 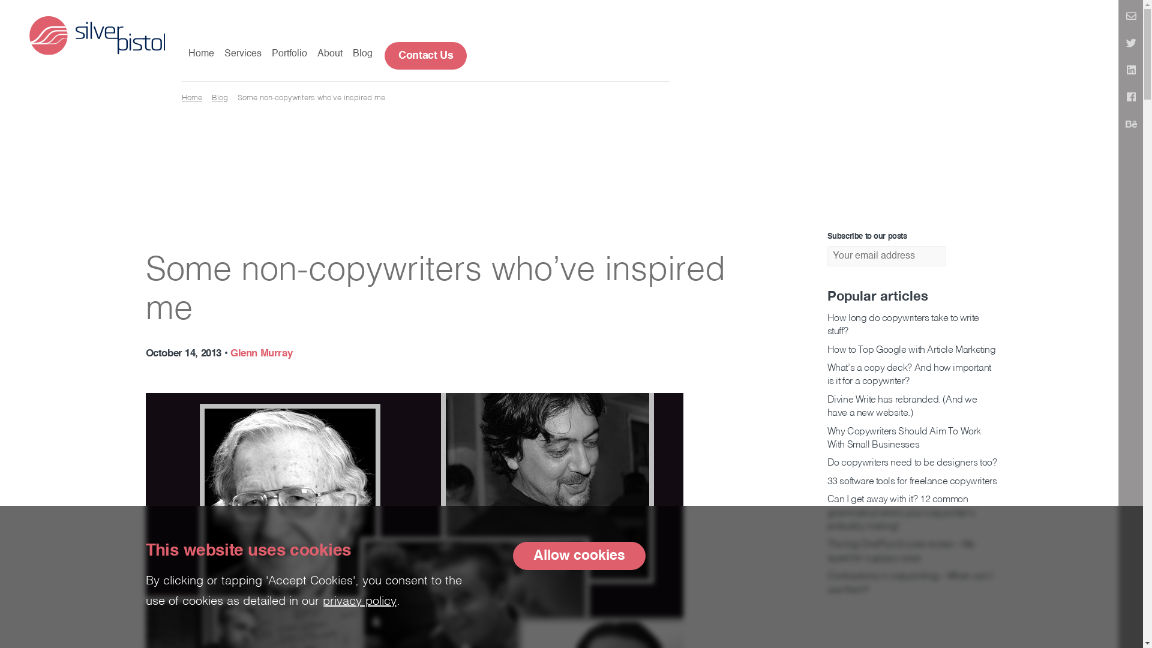 I want to click on 'See us on LinkedIn', so click(x=1118, y=71).